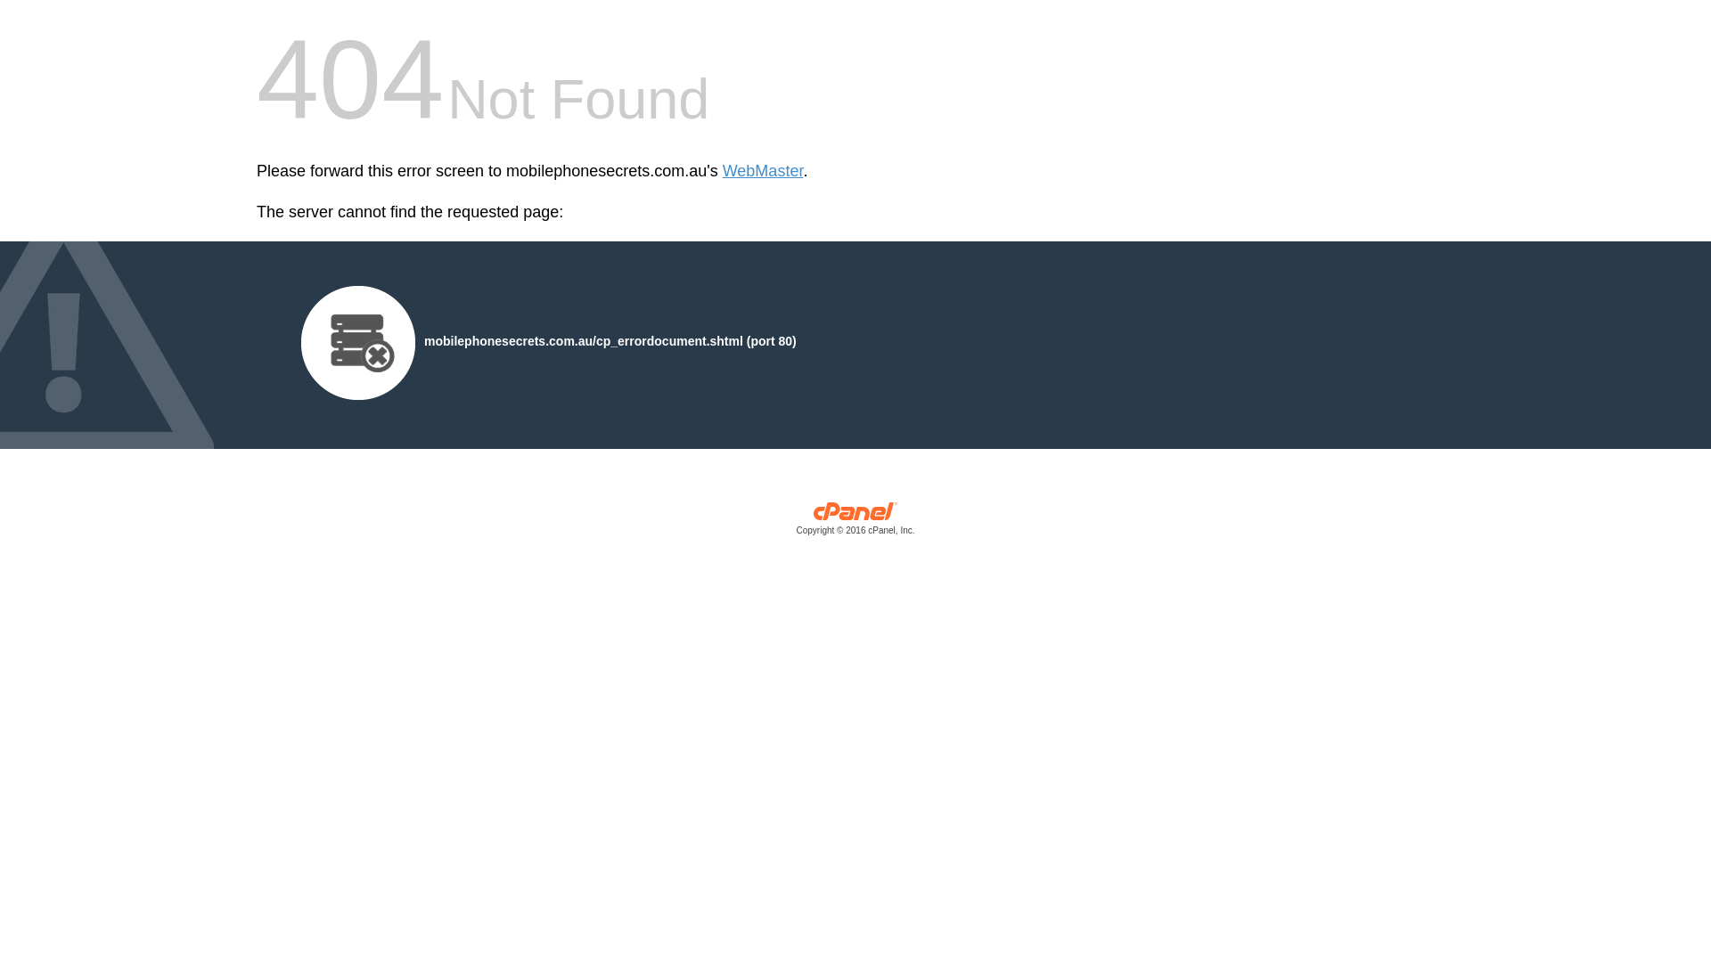  Describe the element at coordinates (723, 171) in the screenshot. I see `'WebMaster'` at that location.